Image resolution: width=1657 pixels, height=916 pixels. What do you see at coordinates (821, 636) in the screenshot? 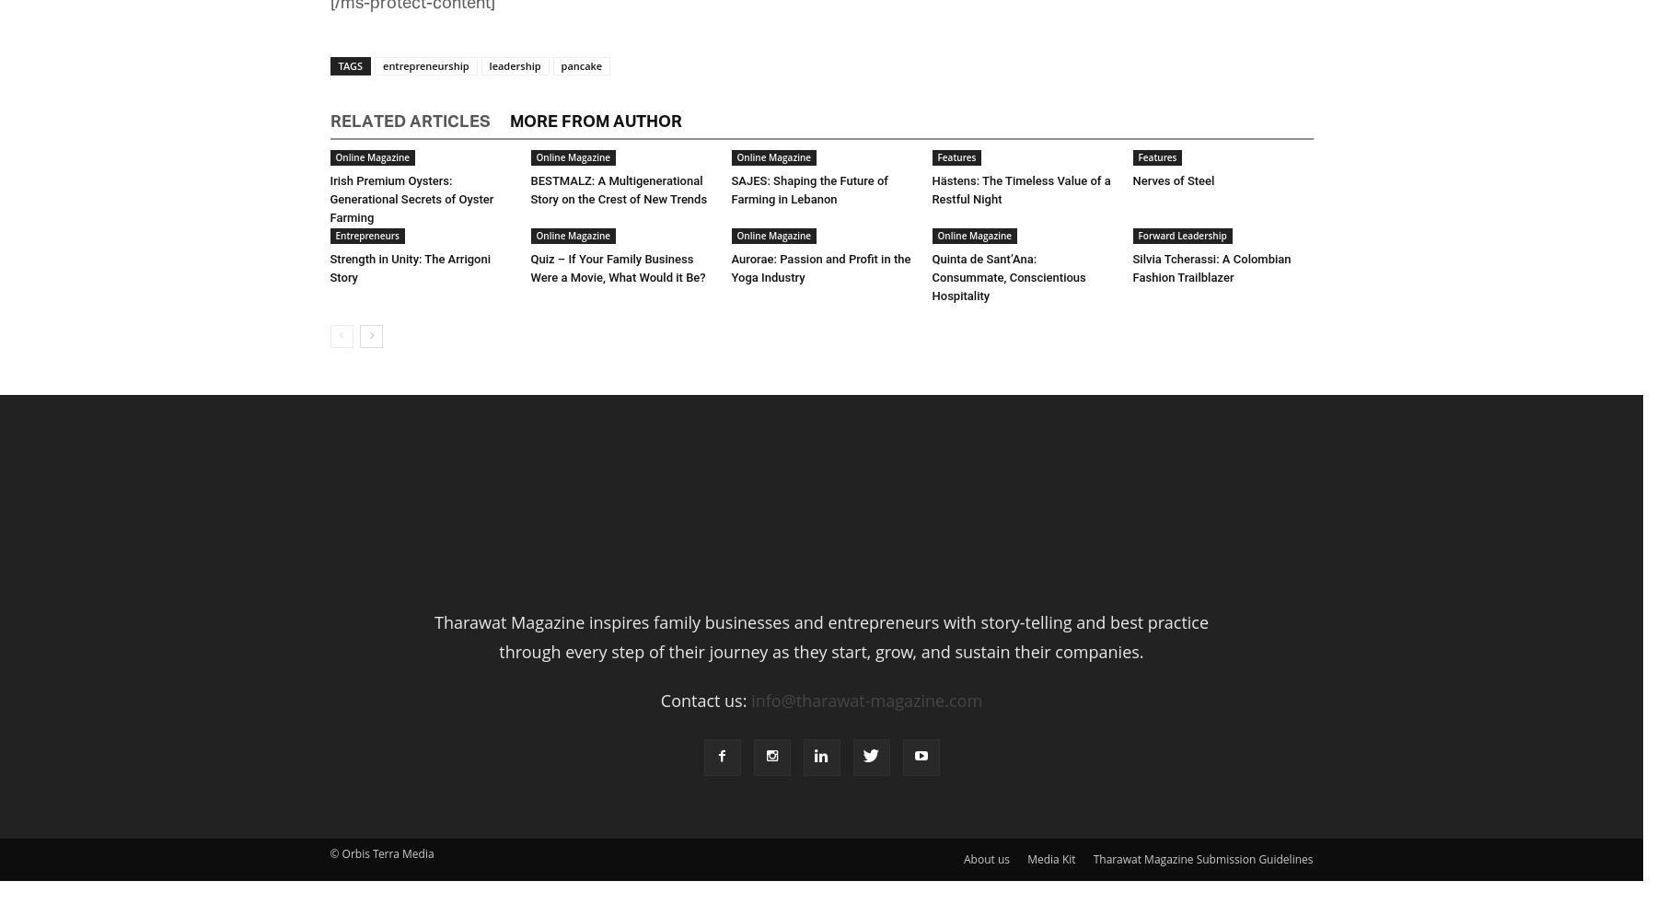
I see `'Tharawat Magazine inspires family businesses and entrepreneurs with story-telling and best practice through every step of their journey as they start, grow, and sustain their companies.'` at bounding box center [821, 636].